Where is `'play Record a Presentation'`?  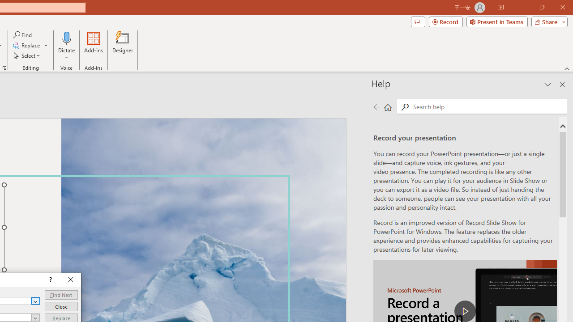
'play Record a Presentation' is located at coordinates (465, 310).